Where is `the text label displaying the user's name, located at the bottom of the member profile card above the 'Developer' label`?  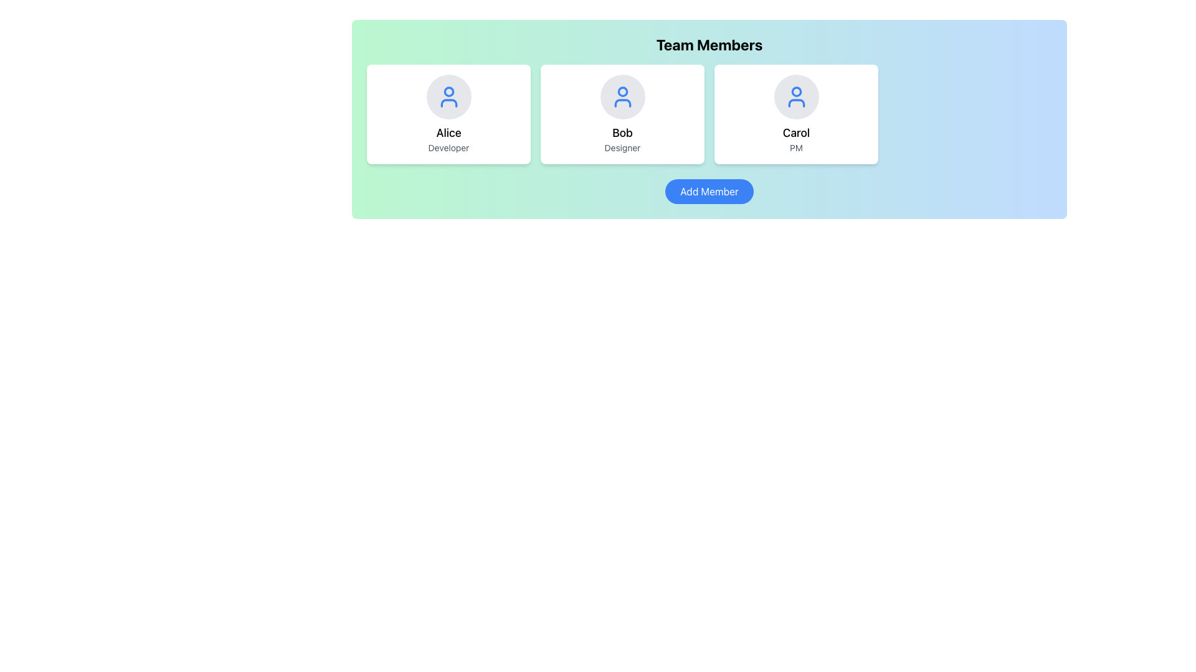 the text label displaying the user's name, located at the bottom of the member profile card above the 'Developer' label is located at coordinates (448, 133).